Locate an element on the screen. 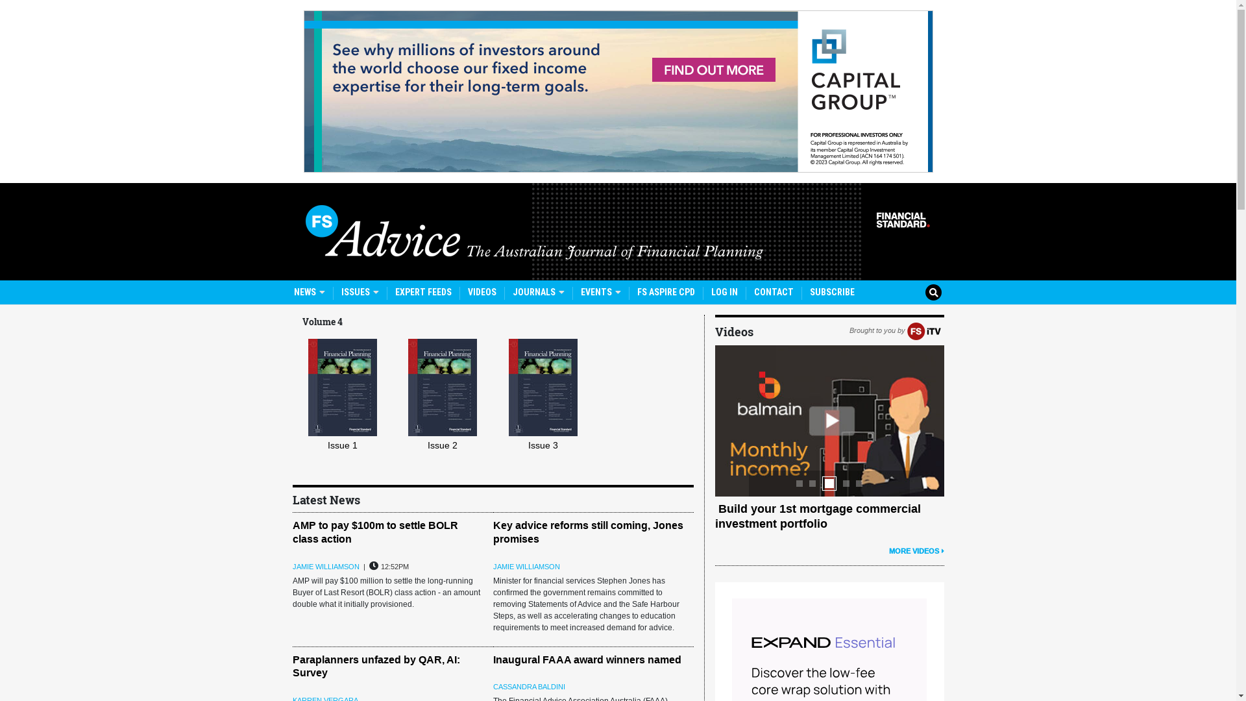 The image size is (1246, 701). 'AMP to pay $100m to settle BOLR class action' is located at coordinates (291, 532).